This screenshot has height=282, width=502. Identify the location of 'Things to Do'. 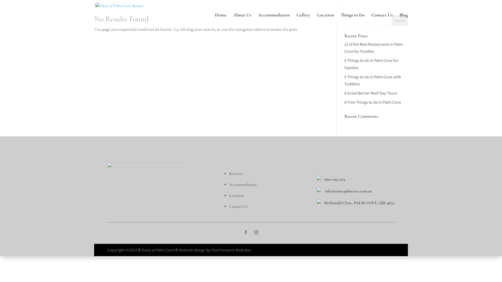
(340, 21).